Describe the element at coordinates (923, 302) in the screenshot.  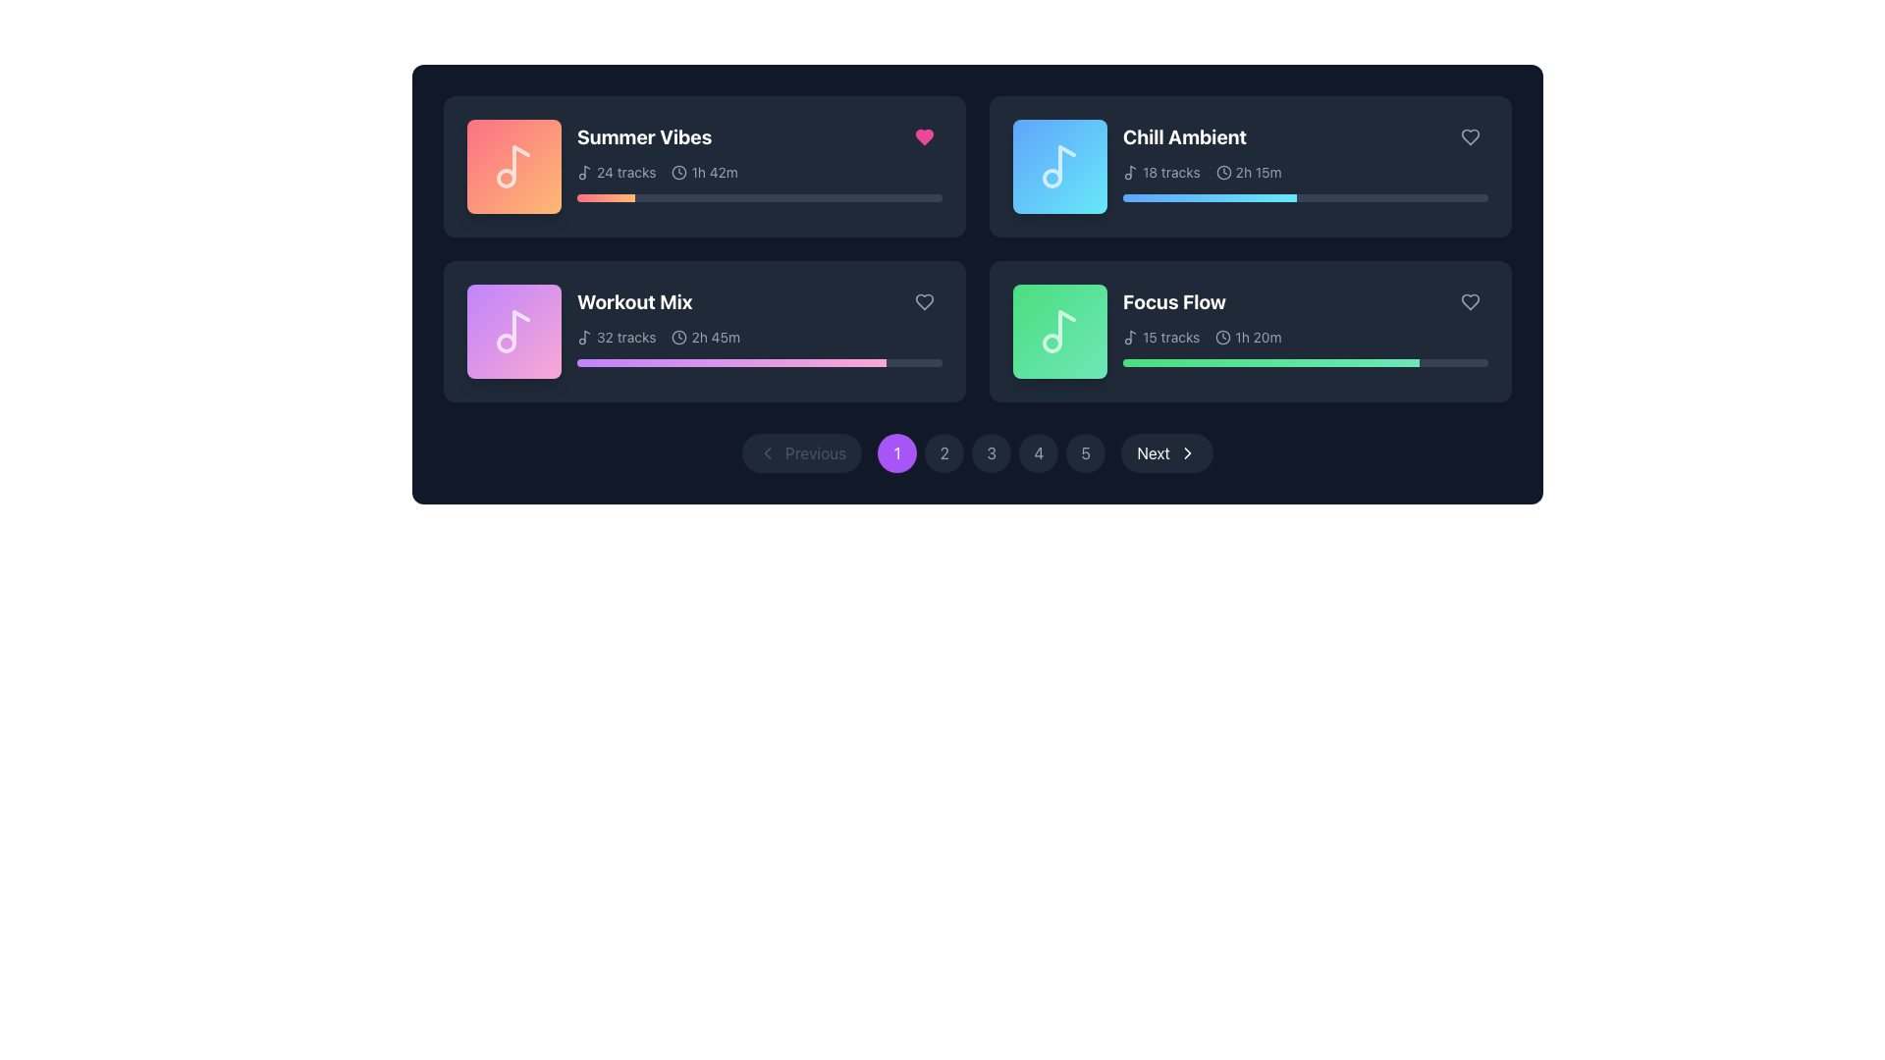
I see `the heart-shaped icon button located at the top-right corner of the 'Workout Mix' card` at that location.